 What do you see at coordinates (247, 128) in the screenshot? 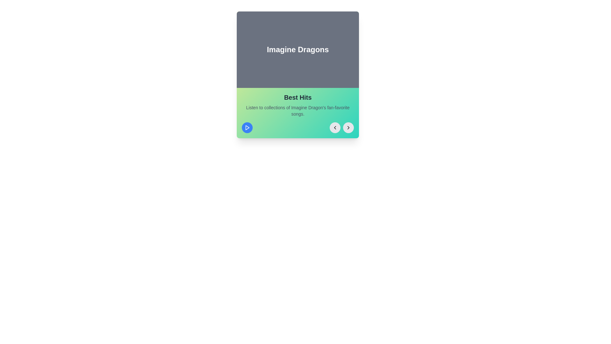
I see `the small triangular play button icon located inside the circular button at the bottom left corner of the 'Imagine Dragons' card` at bounding box center [247, 128].